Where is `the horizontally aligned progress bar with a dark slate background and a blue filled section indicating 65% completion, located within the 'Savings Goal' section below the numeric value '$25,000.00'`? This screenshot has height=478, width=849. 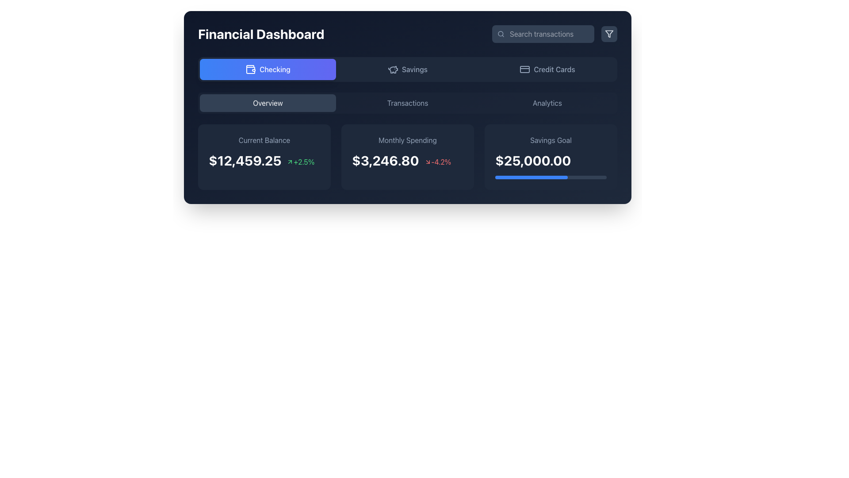
the horizontally aligned progress bar with a dark slate background and a blue filled section indicating 65% completion, located within the 'Savings Goal' section below the numeric value '$25,000.00' is located at coordinates (551, 177).